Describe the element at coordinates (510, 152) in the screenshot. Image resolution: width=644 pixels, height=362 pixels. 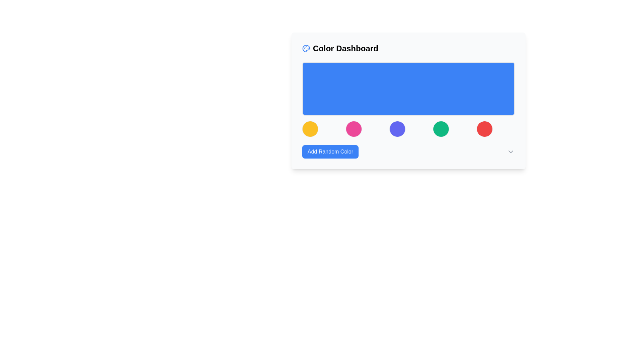
I see `the SVG Icon located at the bottom-right of the layout, next to the 'Add Random Color' button` at that location.